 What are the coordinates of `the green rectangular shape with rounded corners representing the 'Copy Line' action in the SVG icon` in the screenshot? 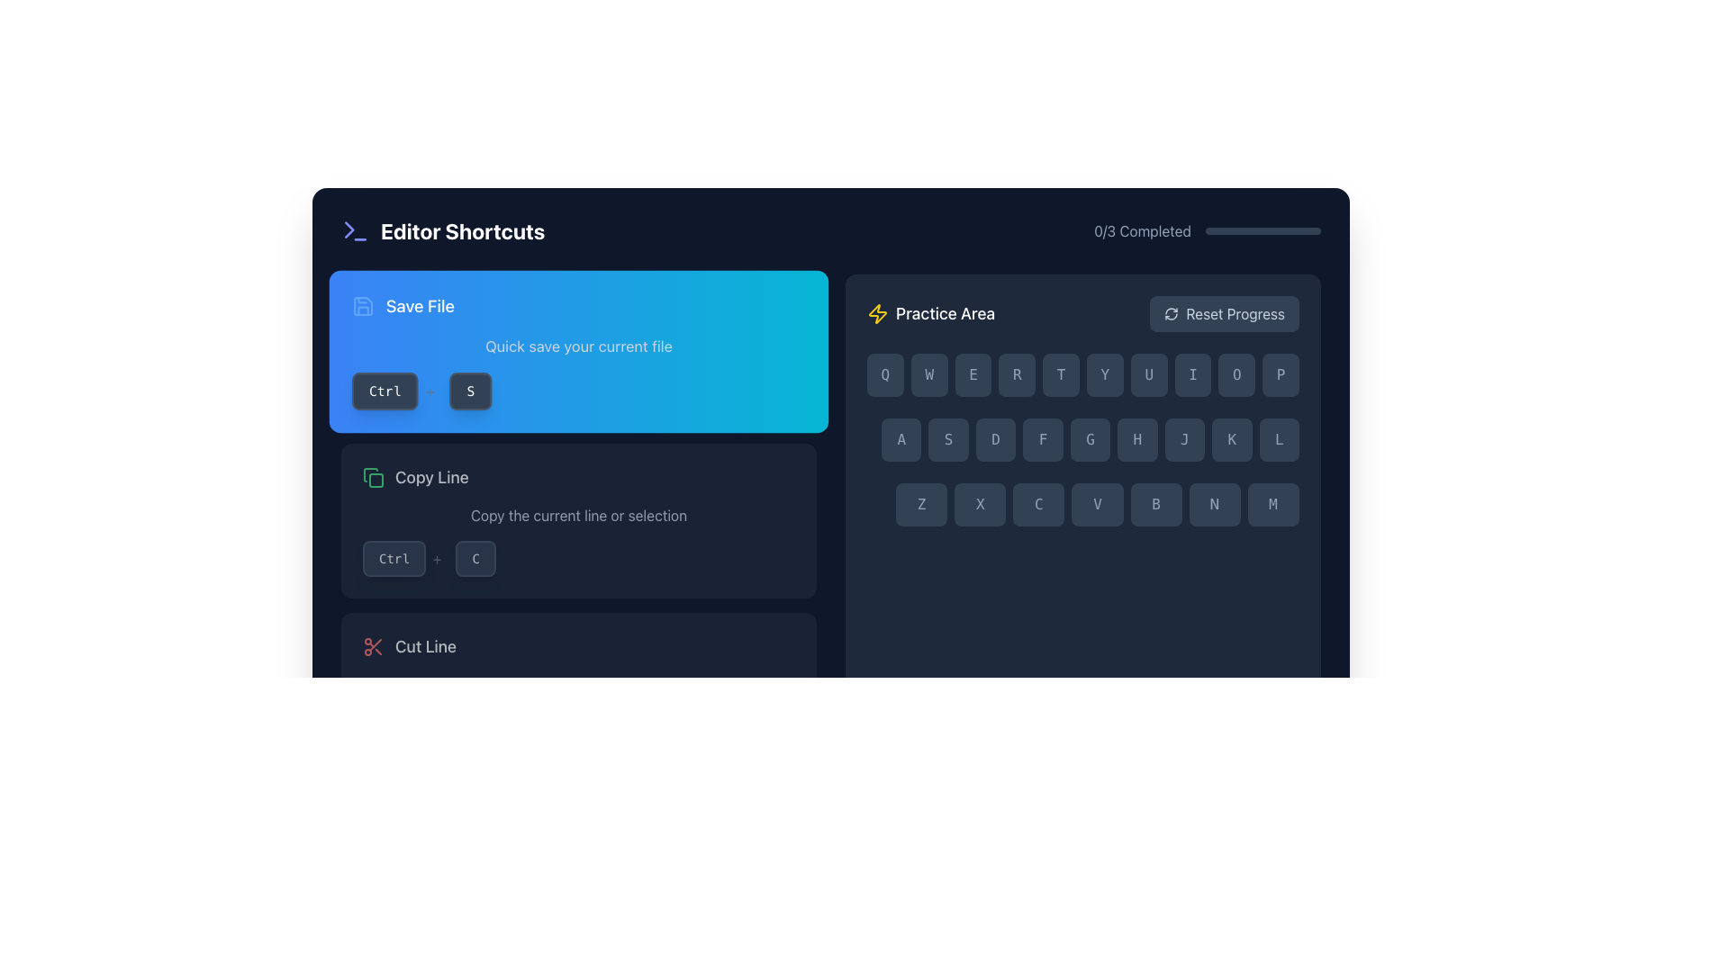 It's located at (370, 474).